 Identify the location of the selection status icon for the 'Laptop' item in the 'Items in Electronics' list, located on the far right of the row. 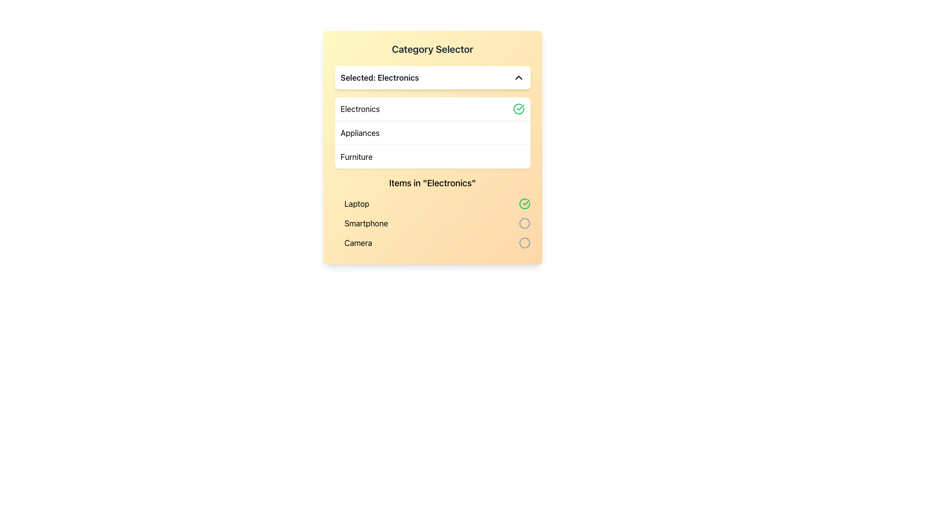
(524, 203).